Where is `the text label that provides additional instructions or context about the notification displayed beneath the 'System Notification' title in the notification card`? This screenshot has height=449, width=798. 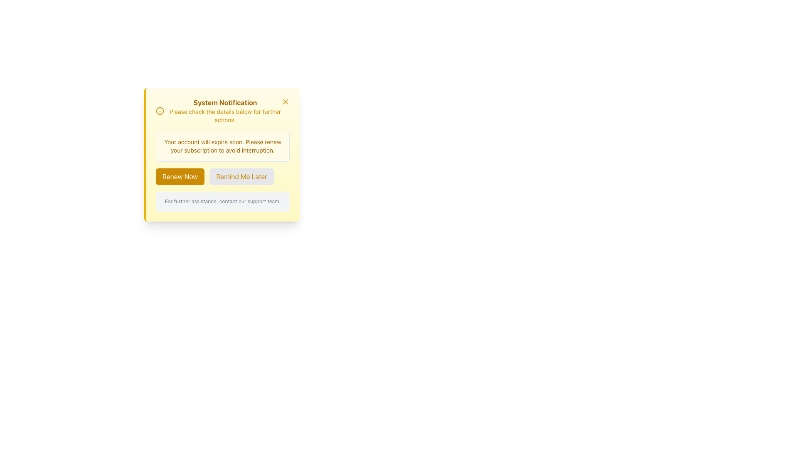 the text label that provides additional instructions or context about the notification displayed beneath the 'System Notification' title in the notification card is located at coordinates (225, 116).